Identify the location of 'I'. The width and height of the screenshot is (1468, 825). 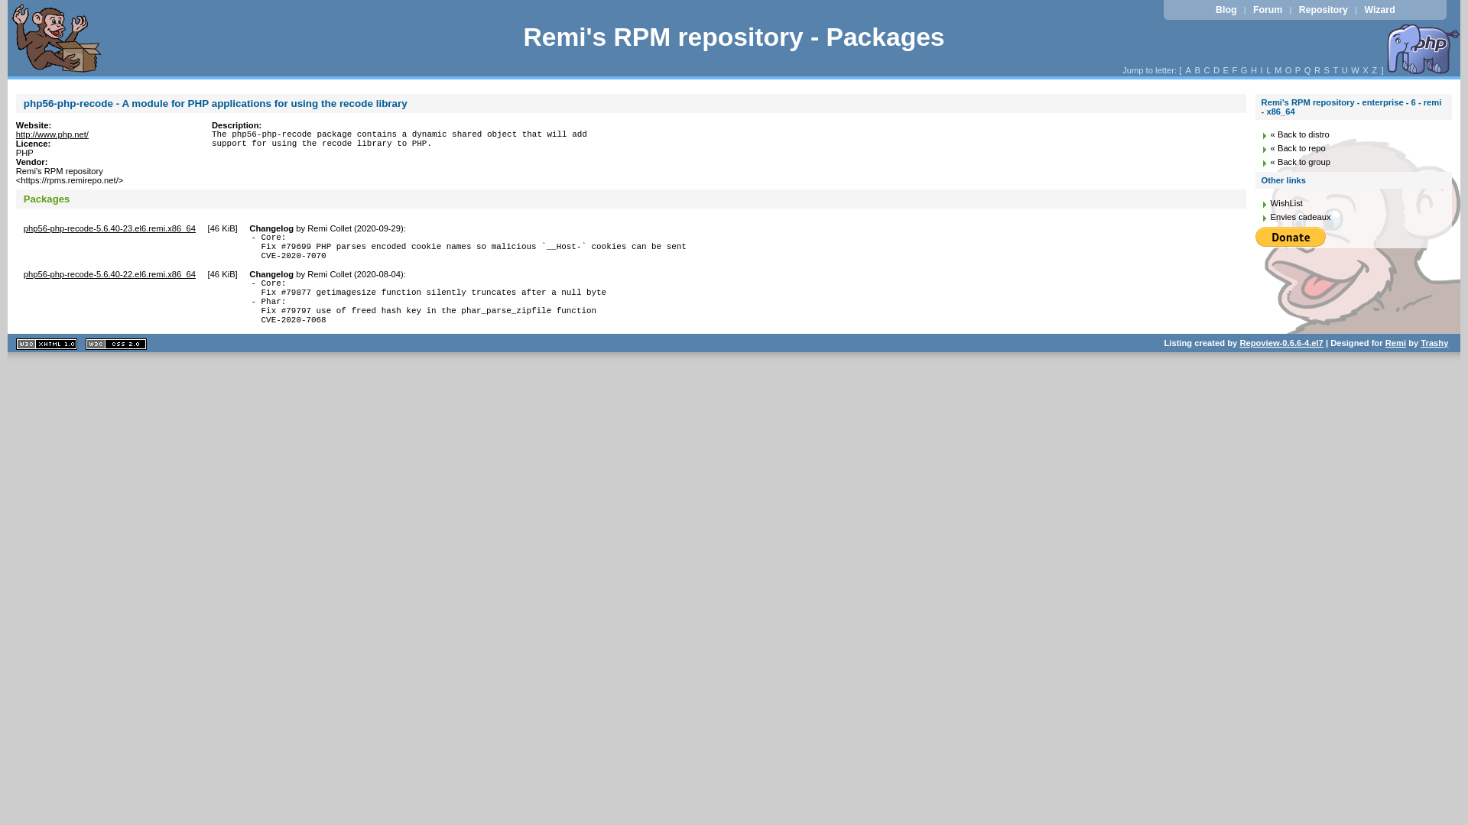
(1262, 70).